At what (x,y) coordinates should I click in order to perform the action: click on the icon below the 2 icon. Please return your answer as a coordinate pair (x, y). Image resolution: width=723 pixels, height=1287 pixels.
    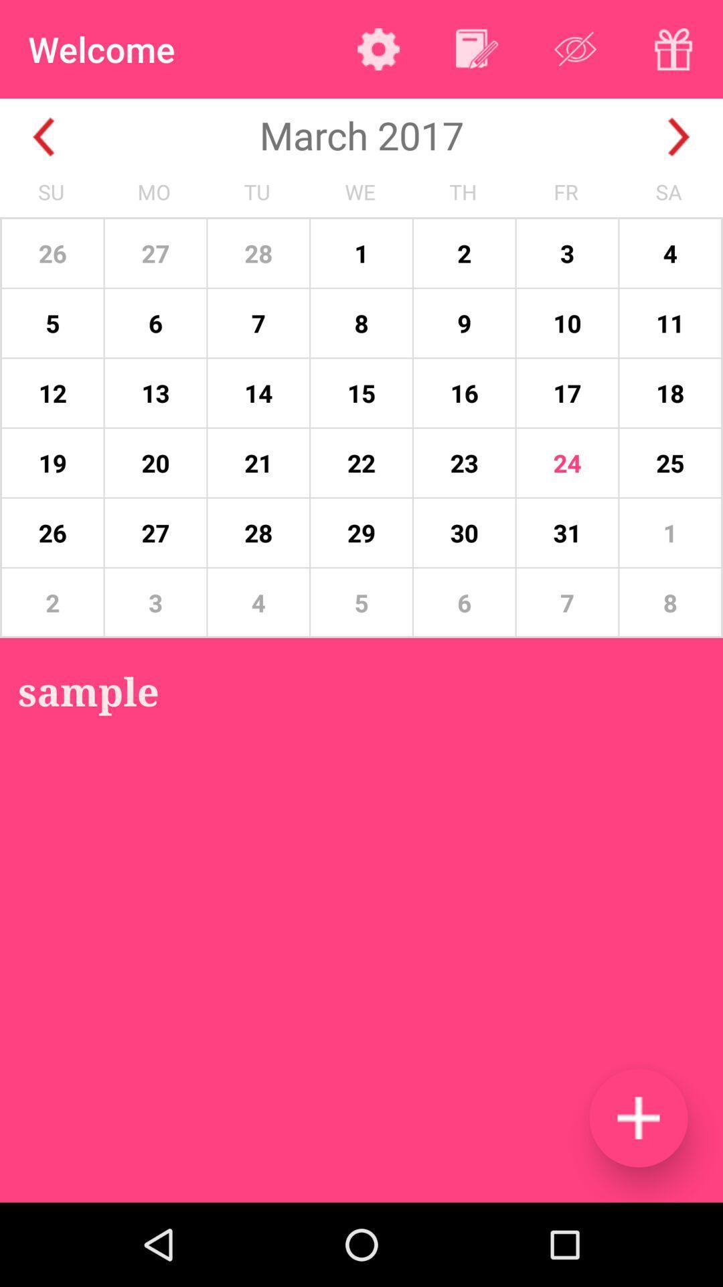
    Looking at the image, I should click on (88, 690).